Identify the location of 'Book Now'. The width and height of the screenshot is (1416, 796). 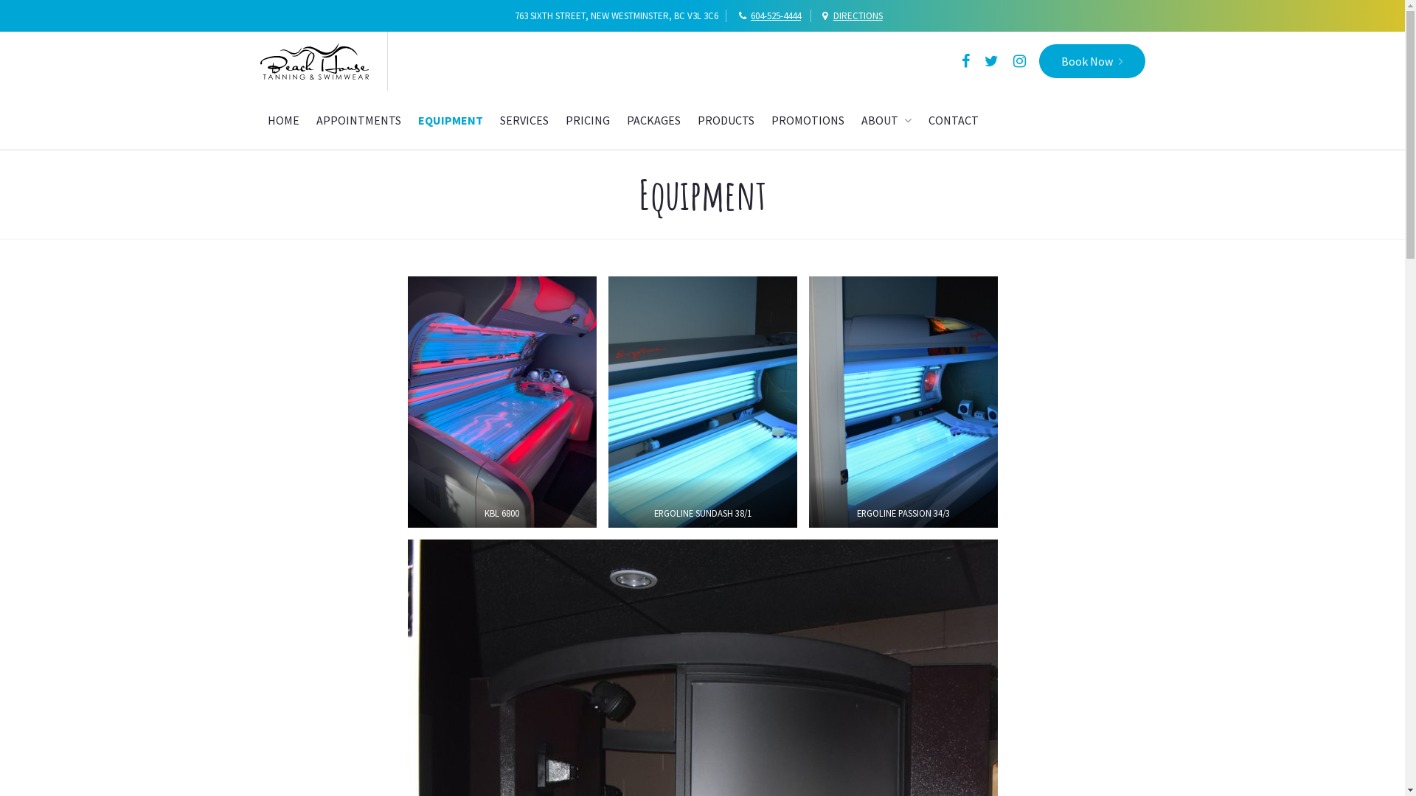
(1091, 60).